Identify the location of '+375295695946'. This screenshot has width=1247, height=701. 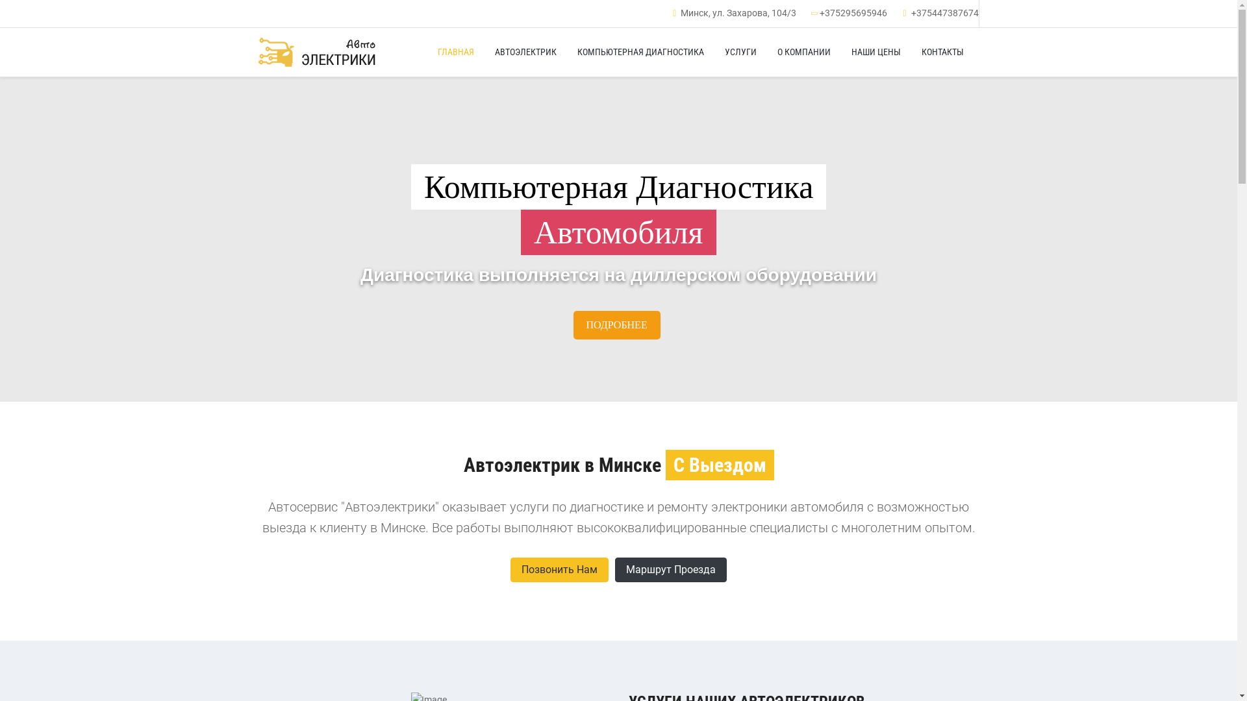
(853, 12).